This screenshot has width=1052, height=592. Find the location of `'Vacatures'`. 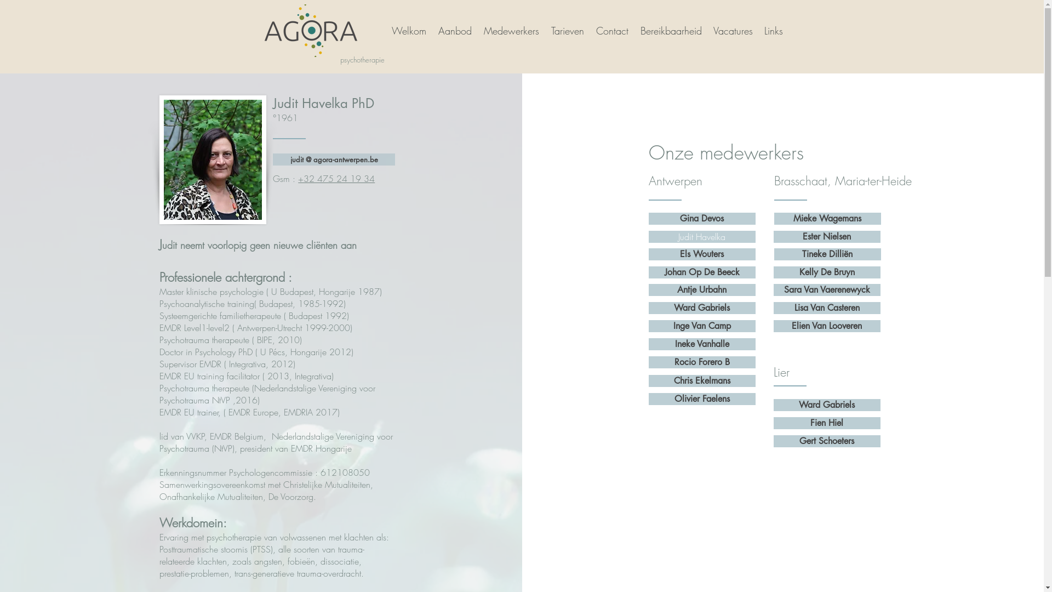

'Vacatures' is located at coordinates (707, 30).